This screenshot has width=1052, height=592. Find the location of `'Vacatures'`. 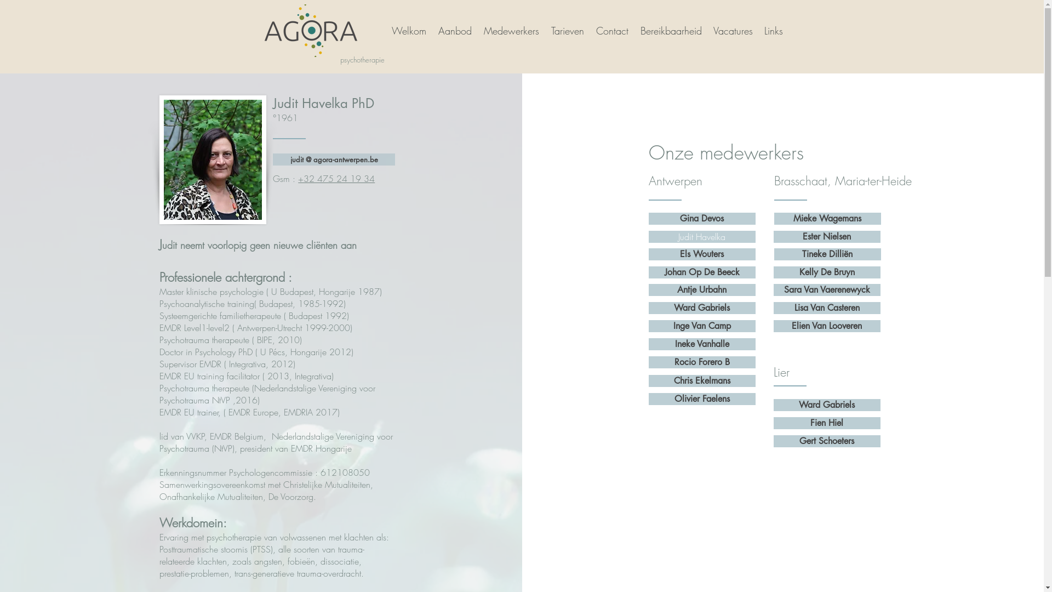

'Vacatures' is located at coordinates (707, 30).